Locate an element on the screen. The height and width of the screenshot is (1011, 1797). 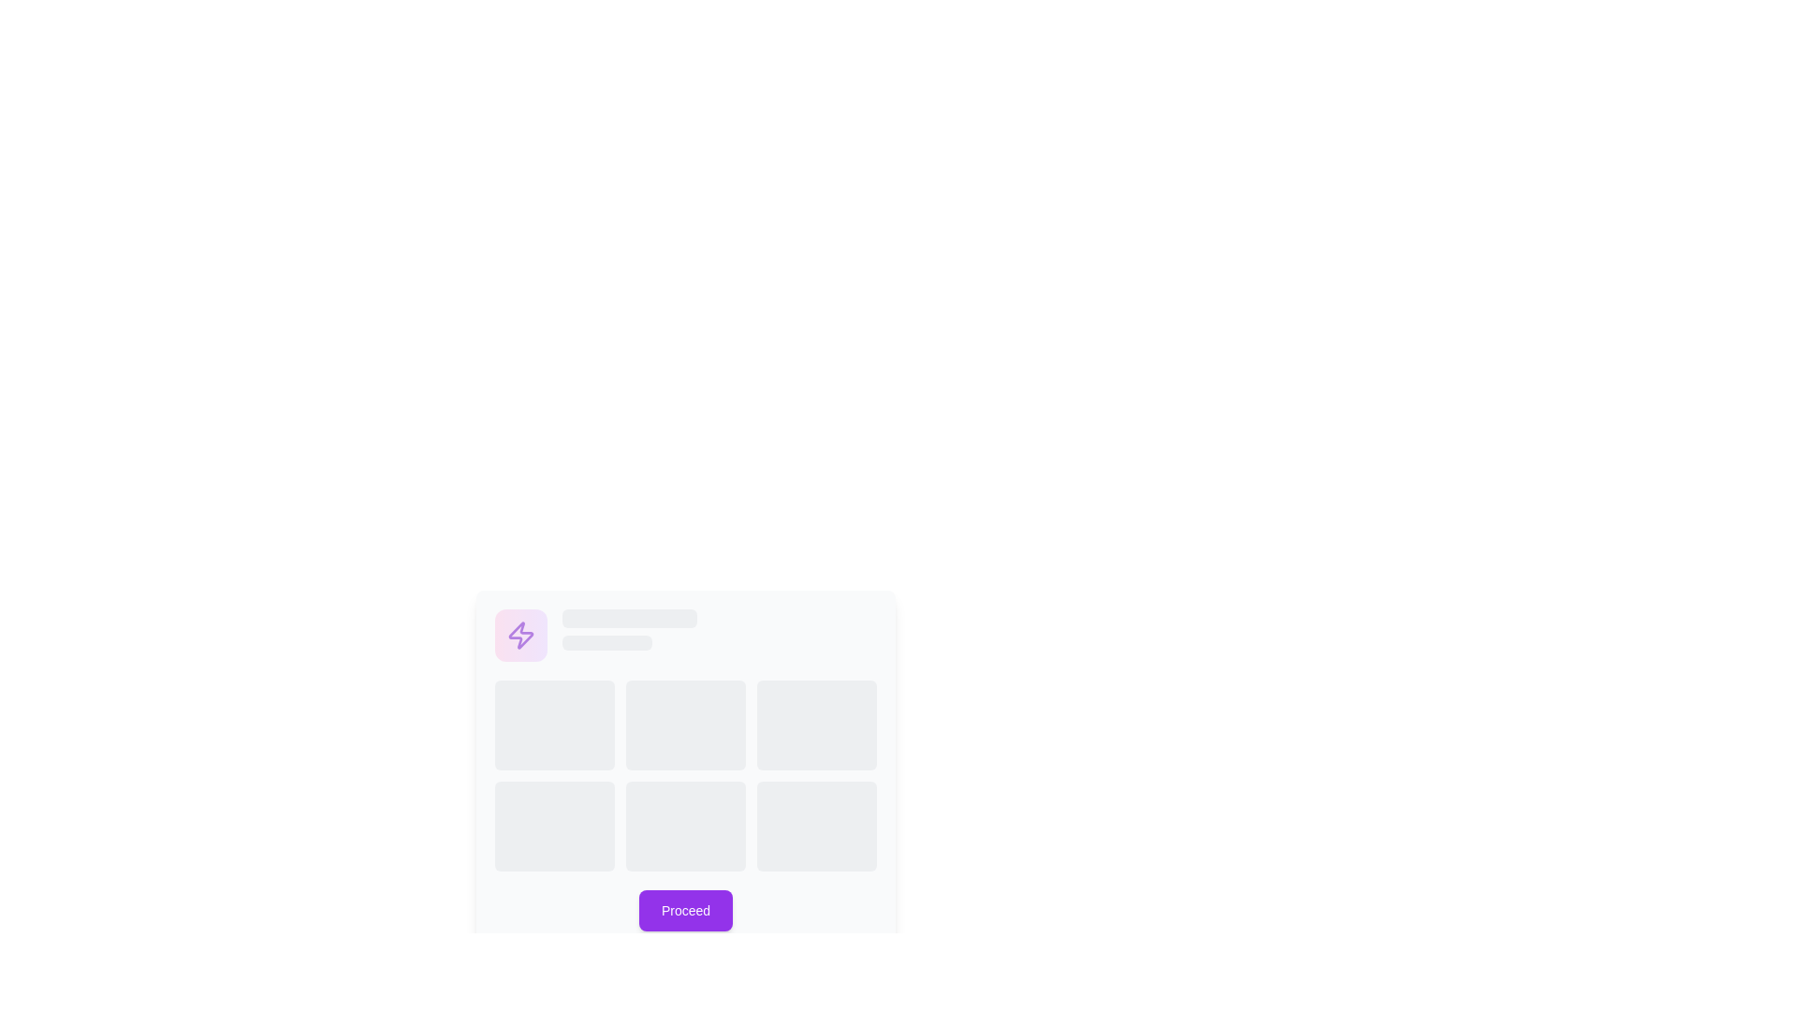
the Placeholder component with animated styling, which is the third item in the top row of a 3x2 grid layout is located at coordinates (817, 725).